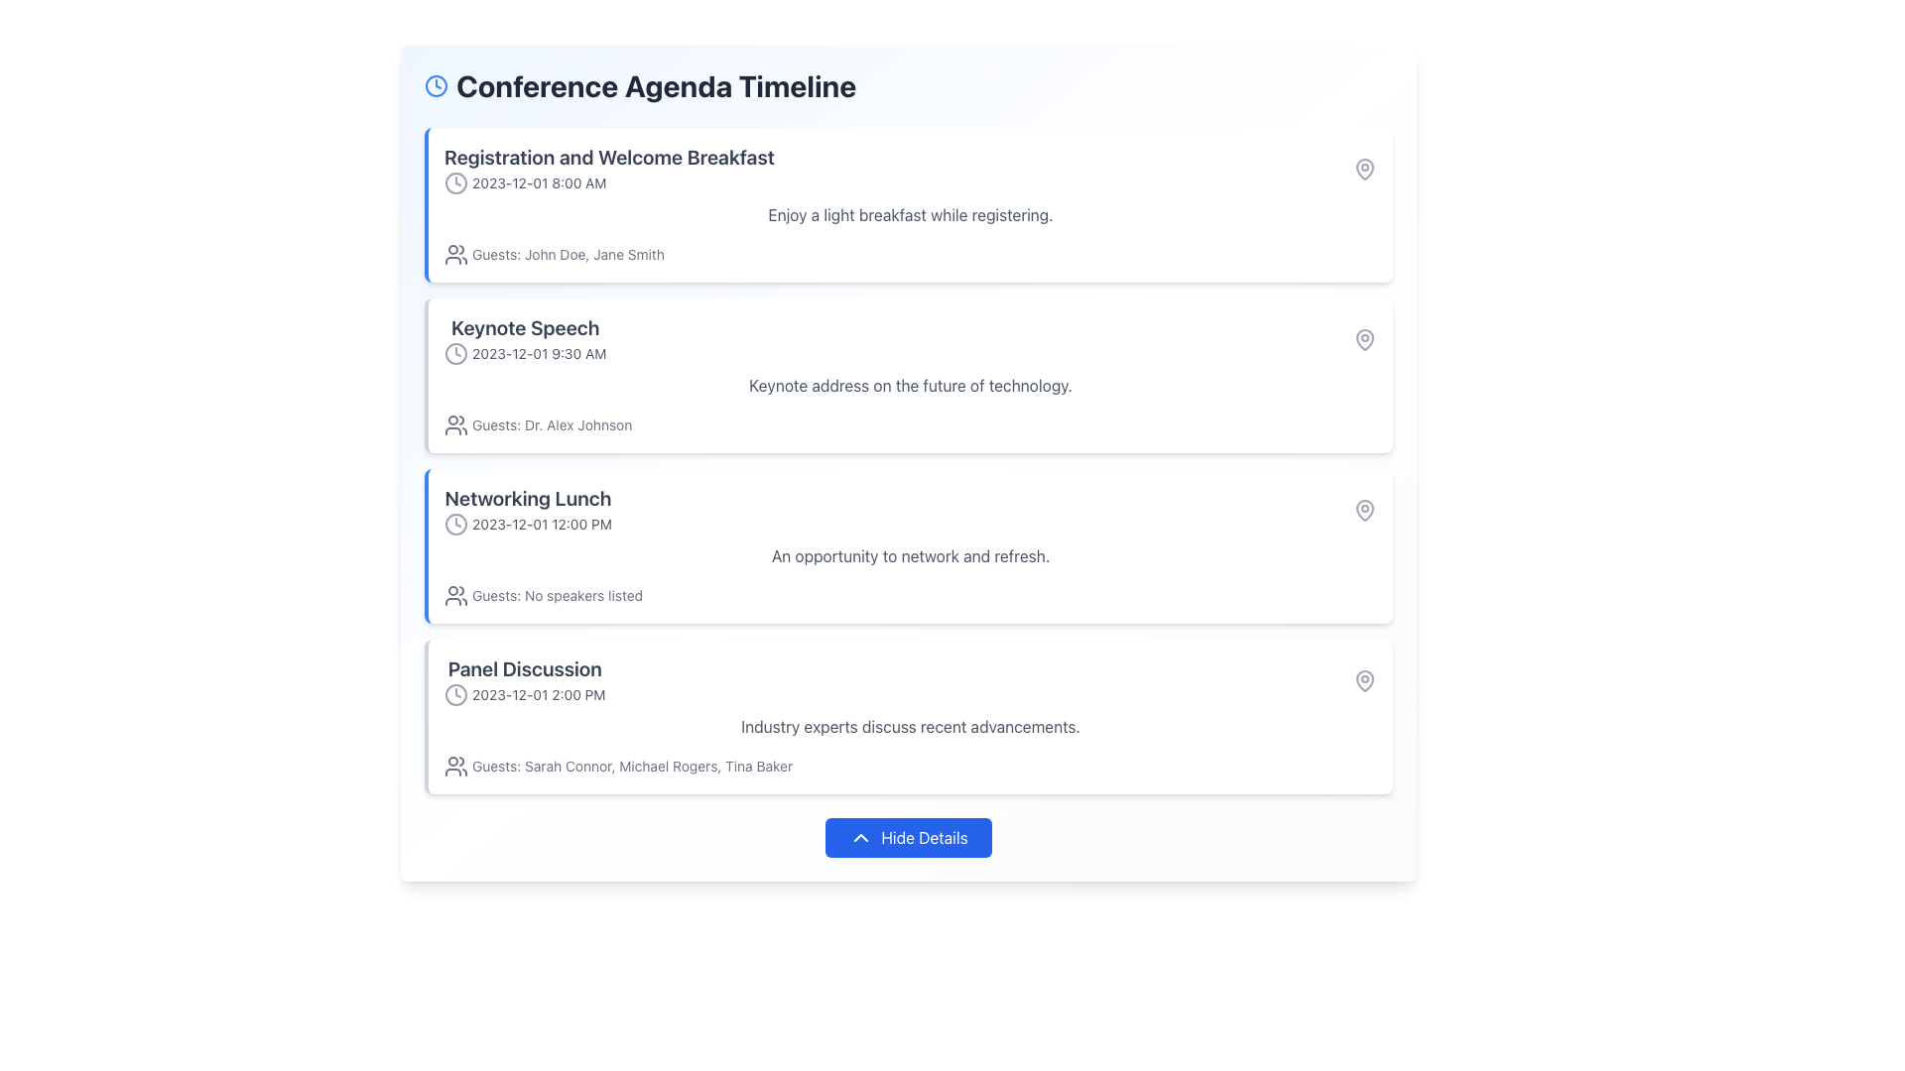  What do you see at coordinates (455, 765) in the screenshot?
I see `the icon representing guests, located to the left of the text 'Guests: Sarah Connor, Michael Rogers, Tina Baker' within the 'Panel Discussion' panel` at bounding box center [455, 765].